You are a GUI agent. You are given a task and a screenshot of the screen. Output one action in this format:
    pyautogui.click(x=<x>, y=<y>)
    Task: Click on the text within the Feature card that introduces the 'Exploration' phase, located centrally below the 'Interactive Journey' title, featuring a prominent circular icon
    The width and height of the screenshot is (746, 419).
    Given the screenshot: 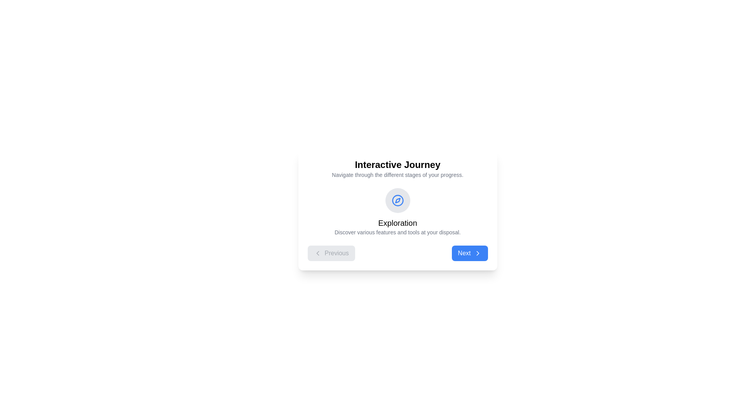 What is the action you would take?
    pyautogui.click(x=397, y=212)
    